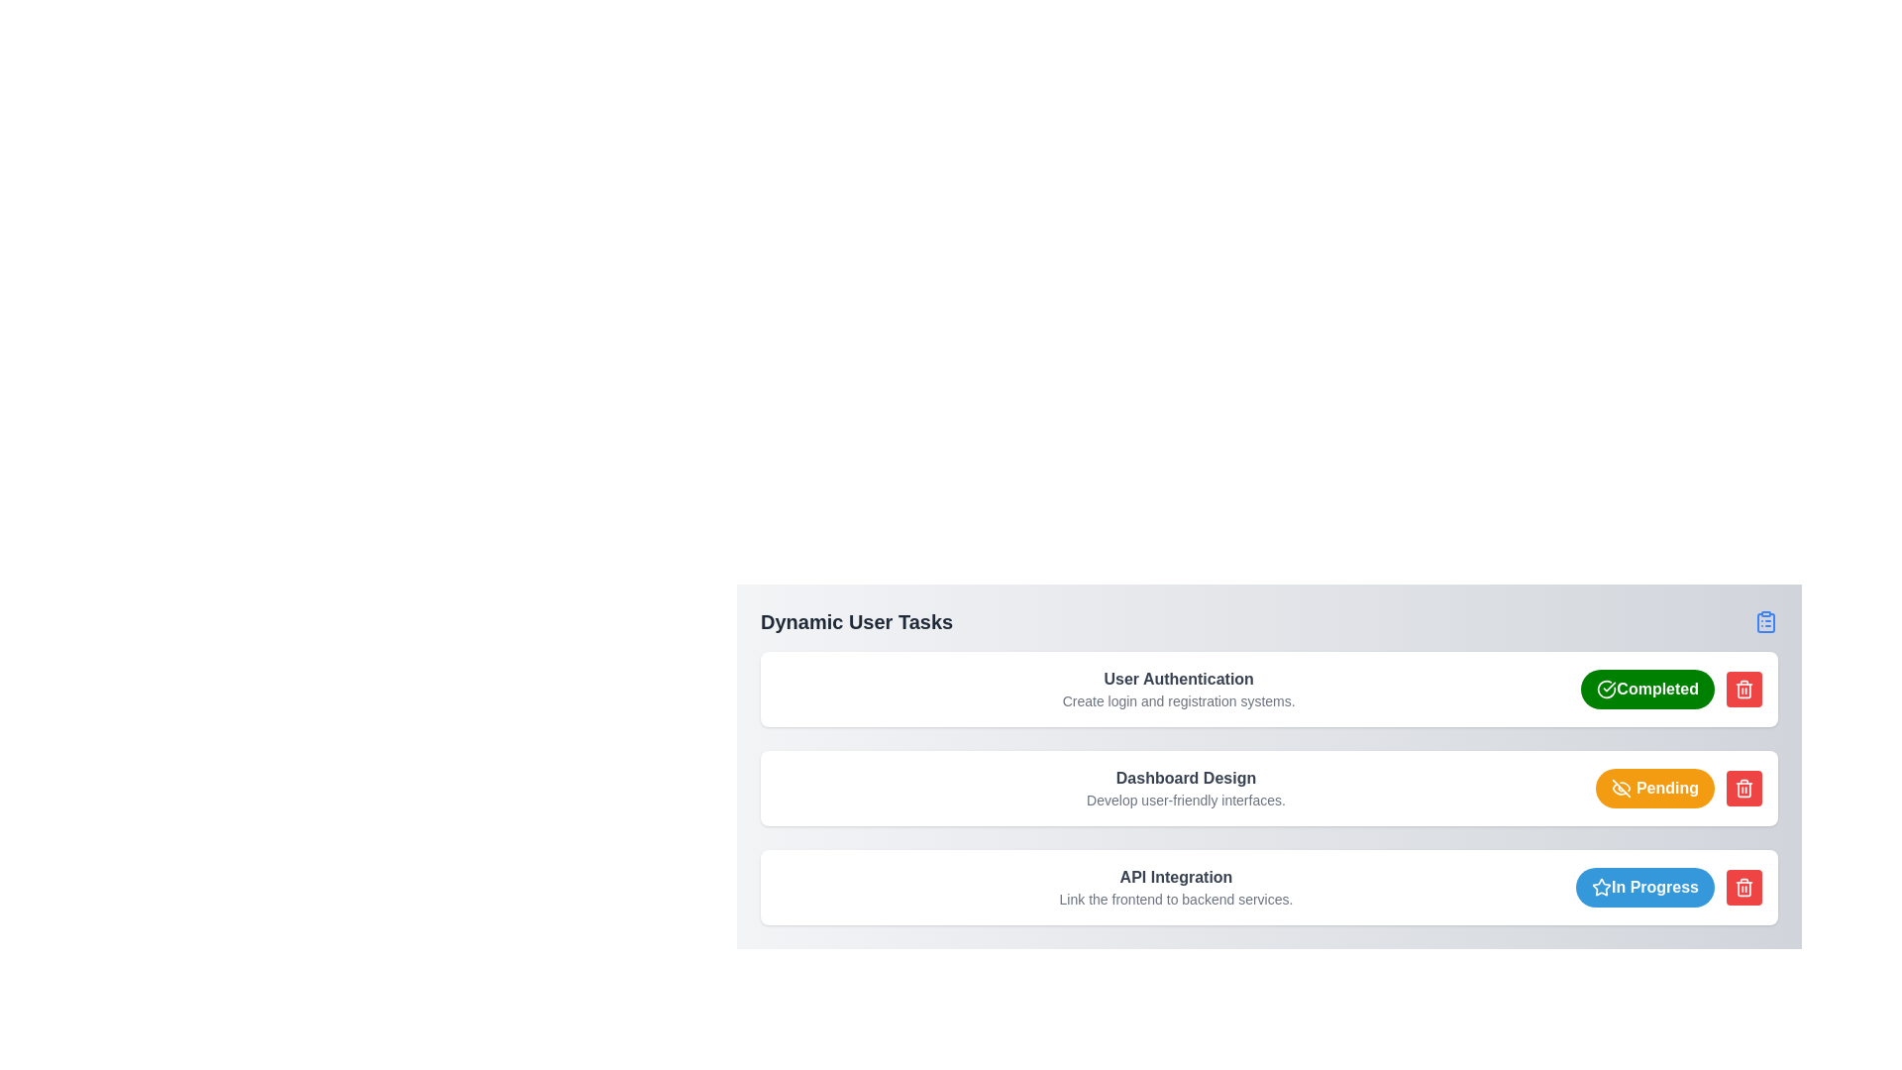  I want to click on the middle component of the trash icon, which is located at the rightmost area of each task entry, so click(1744, 888).